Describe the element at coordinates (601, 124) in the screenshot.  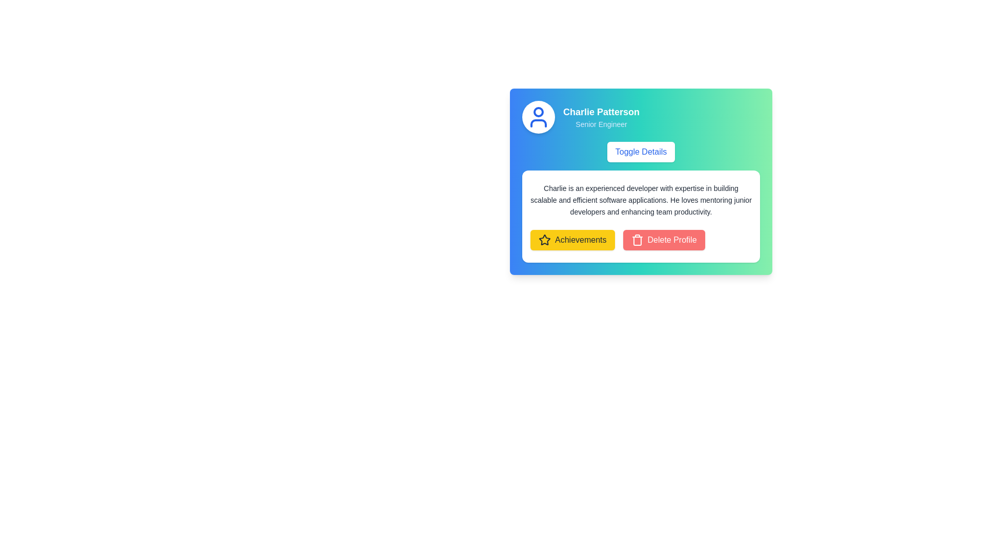
I see `the Text label that displays 'Senior Engineer', located directly beneath 'Charlie Patterson' in the user profile section` at that location.